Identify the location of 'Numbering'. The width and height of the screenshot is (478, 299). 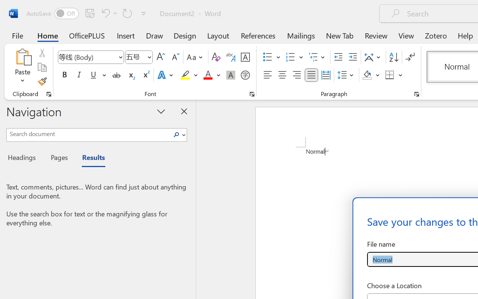
(290, 57).